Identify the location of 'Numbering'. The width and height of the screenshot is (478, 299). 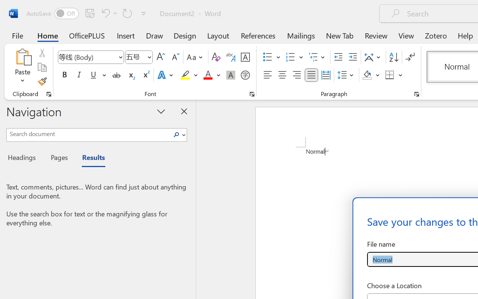
(290, 57).